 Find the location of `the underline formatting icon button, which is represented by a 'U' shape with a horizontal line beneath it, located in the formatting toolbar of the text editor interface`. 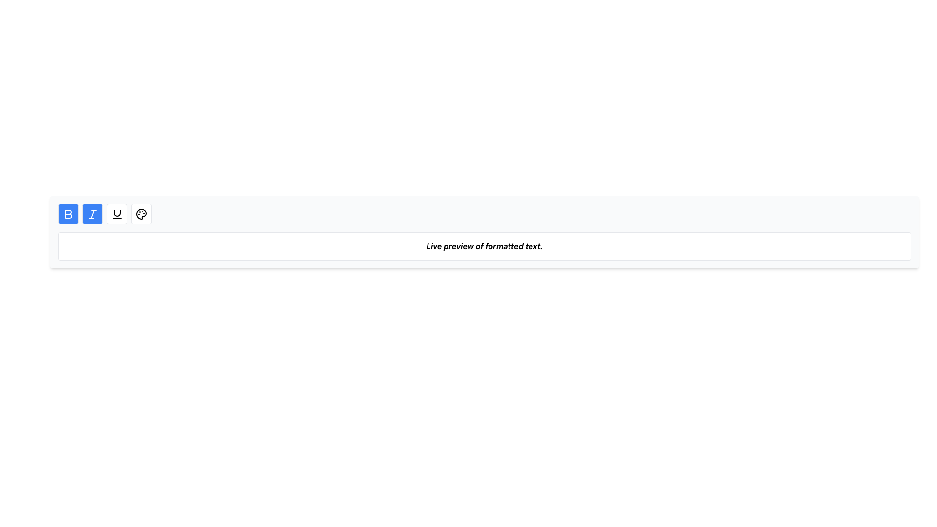

the underline formatting icon button, which is represented by a 'U' shape with a horizontal line beneath it, located in the formatting toolbar of the text editor interface is located at coordinates (117, 214).